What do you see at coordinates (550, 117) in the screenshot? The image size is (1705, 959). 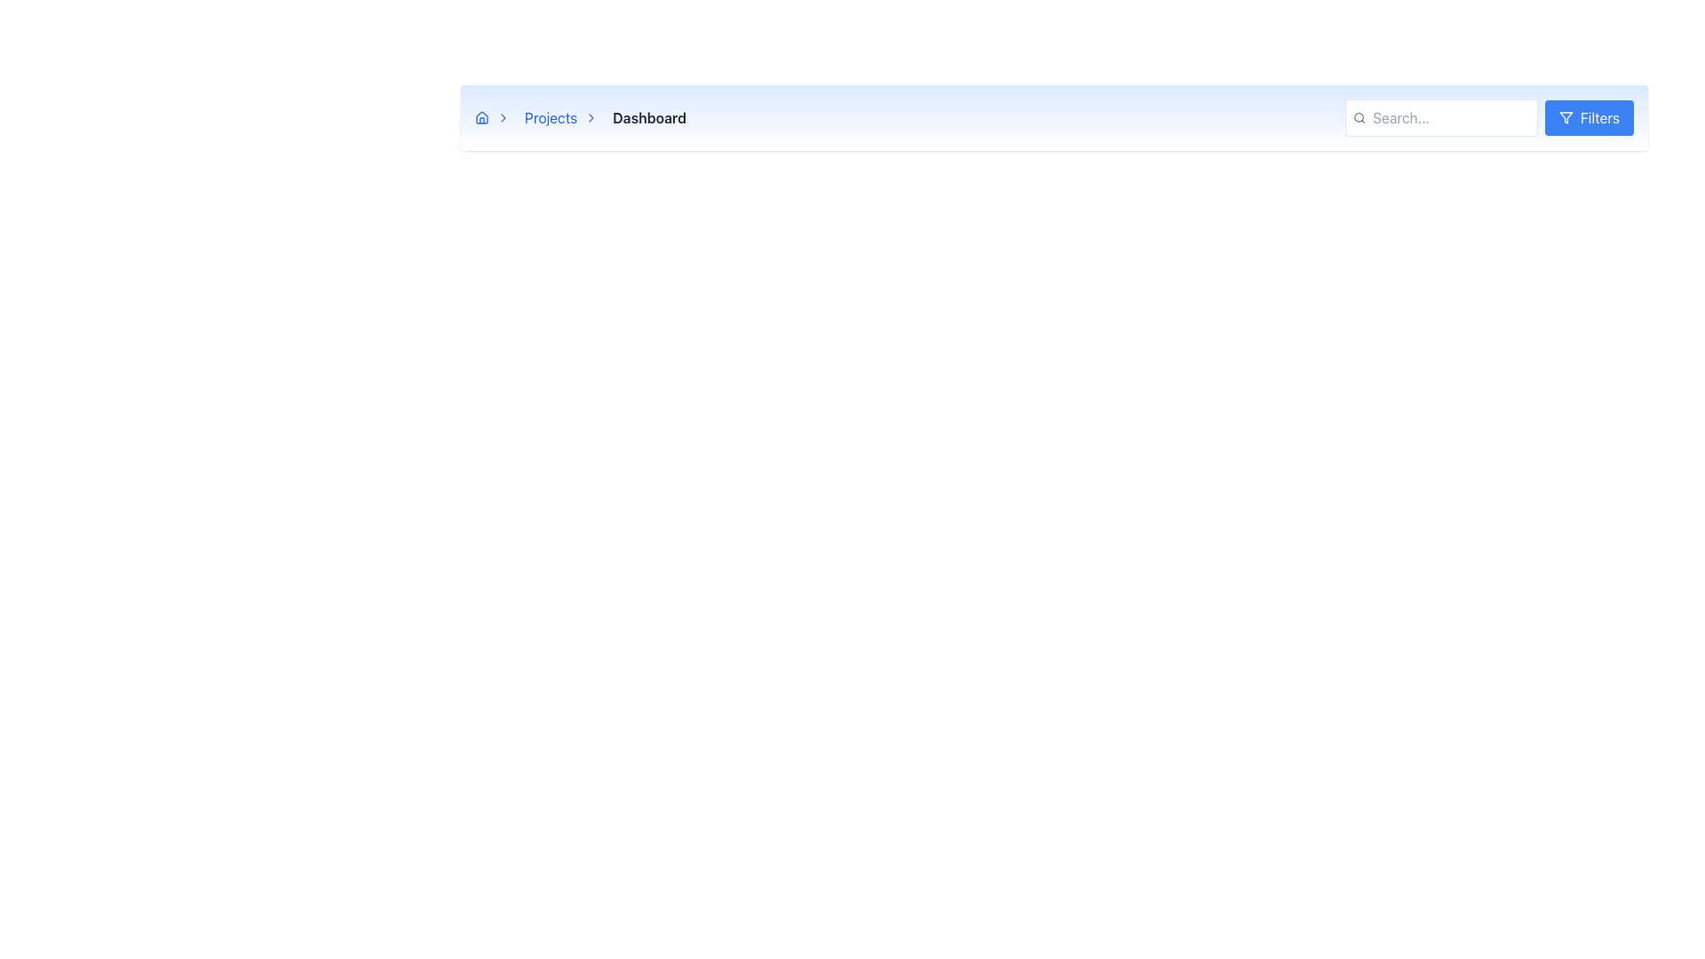 I see `the 'Projects' hyperlink in the breadcrumb navigation bar to underline the text` at bounding box center [550, 117].